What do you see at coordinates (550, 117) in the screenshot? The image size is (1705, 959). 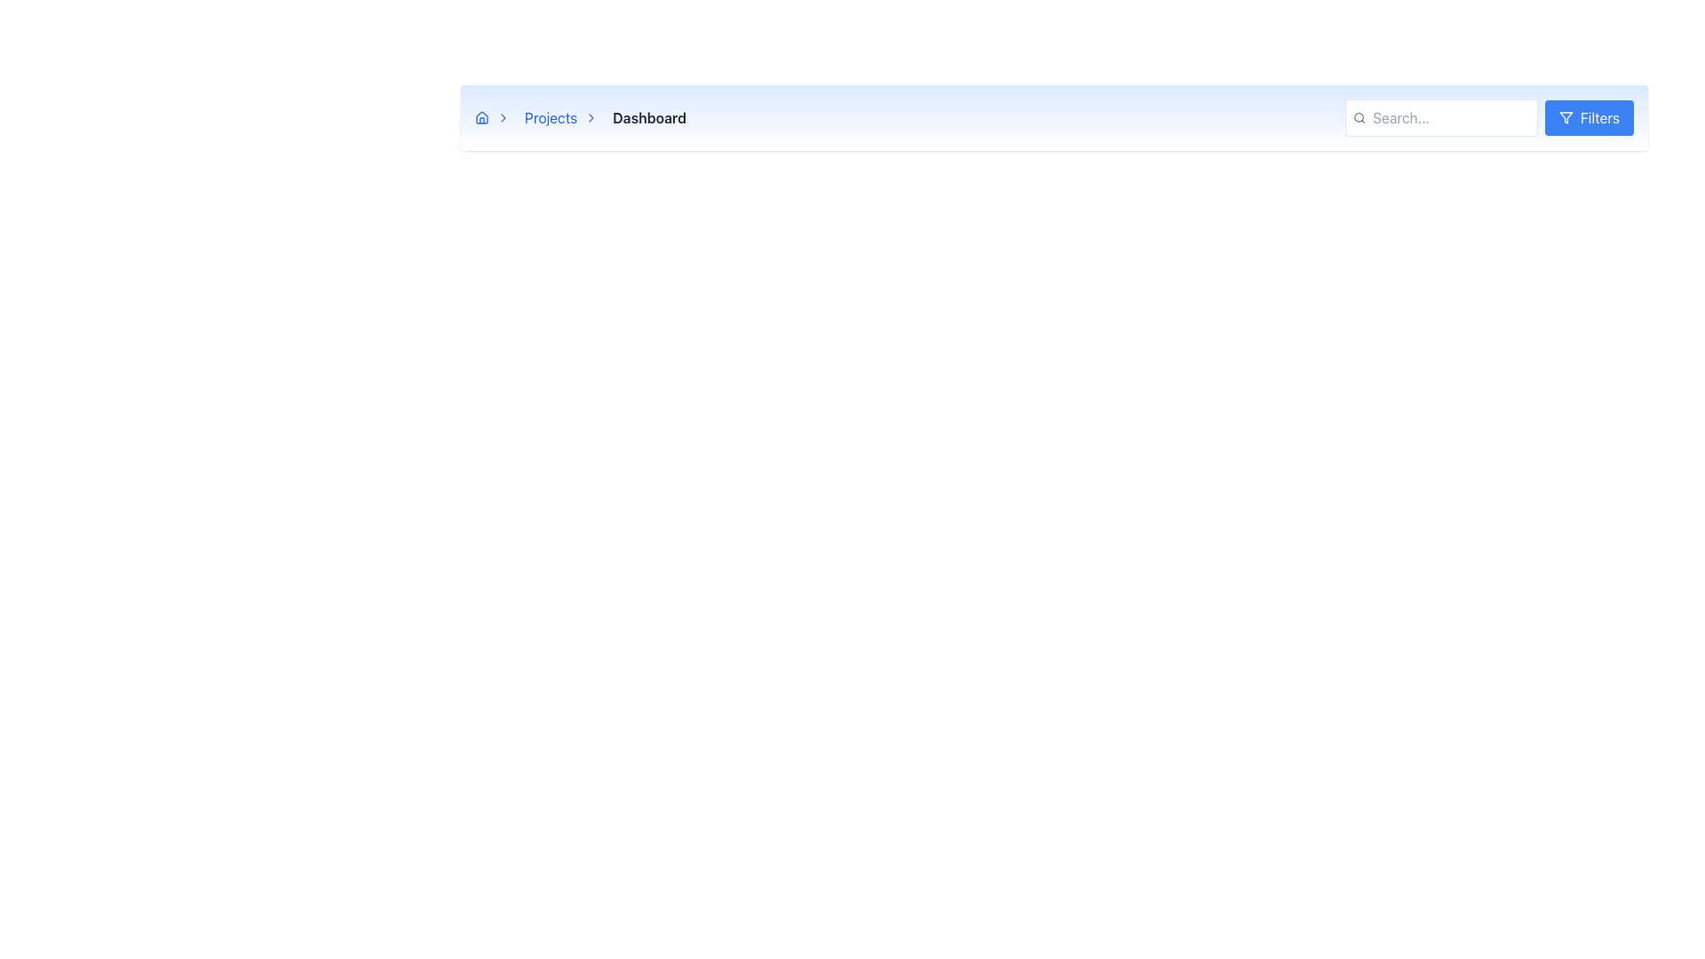 I see `the 'Projects' hyperlink in the breadcrumb navigation bar to underline the text` at bounding box center [550, 117].